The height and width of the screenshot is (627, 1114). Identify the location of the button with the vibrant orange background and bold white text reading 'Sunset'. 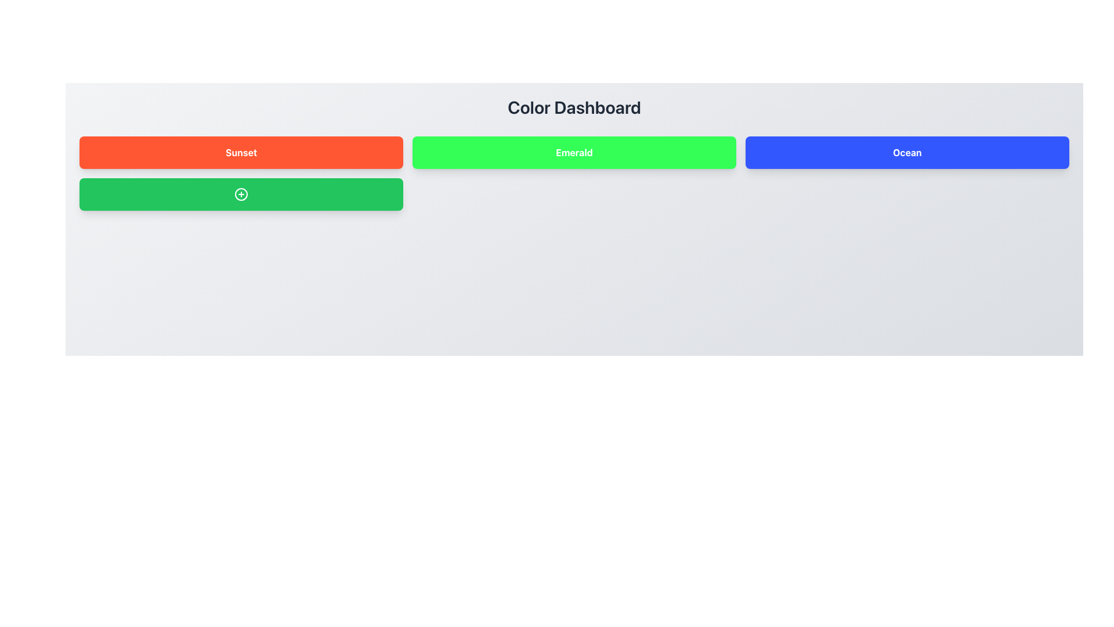
(241, 152).